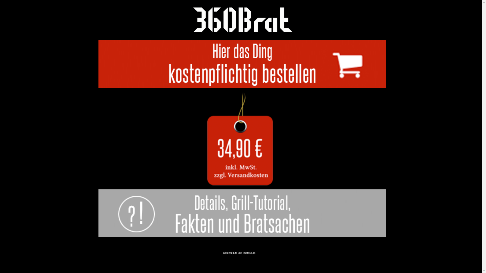  What do you see at coordinates (239, 253) in the screenshot?
I see `'Datenschutz und Impressum'` at bounding box center [239, 253].